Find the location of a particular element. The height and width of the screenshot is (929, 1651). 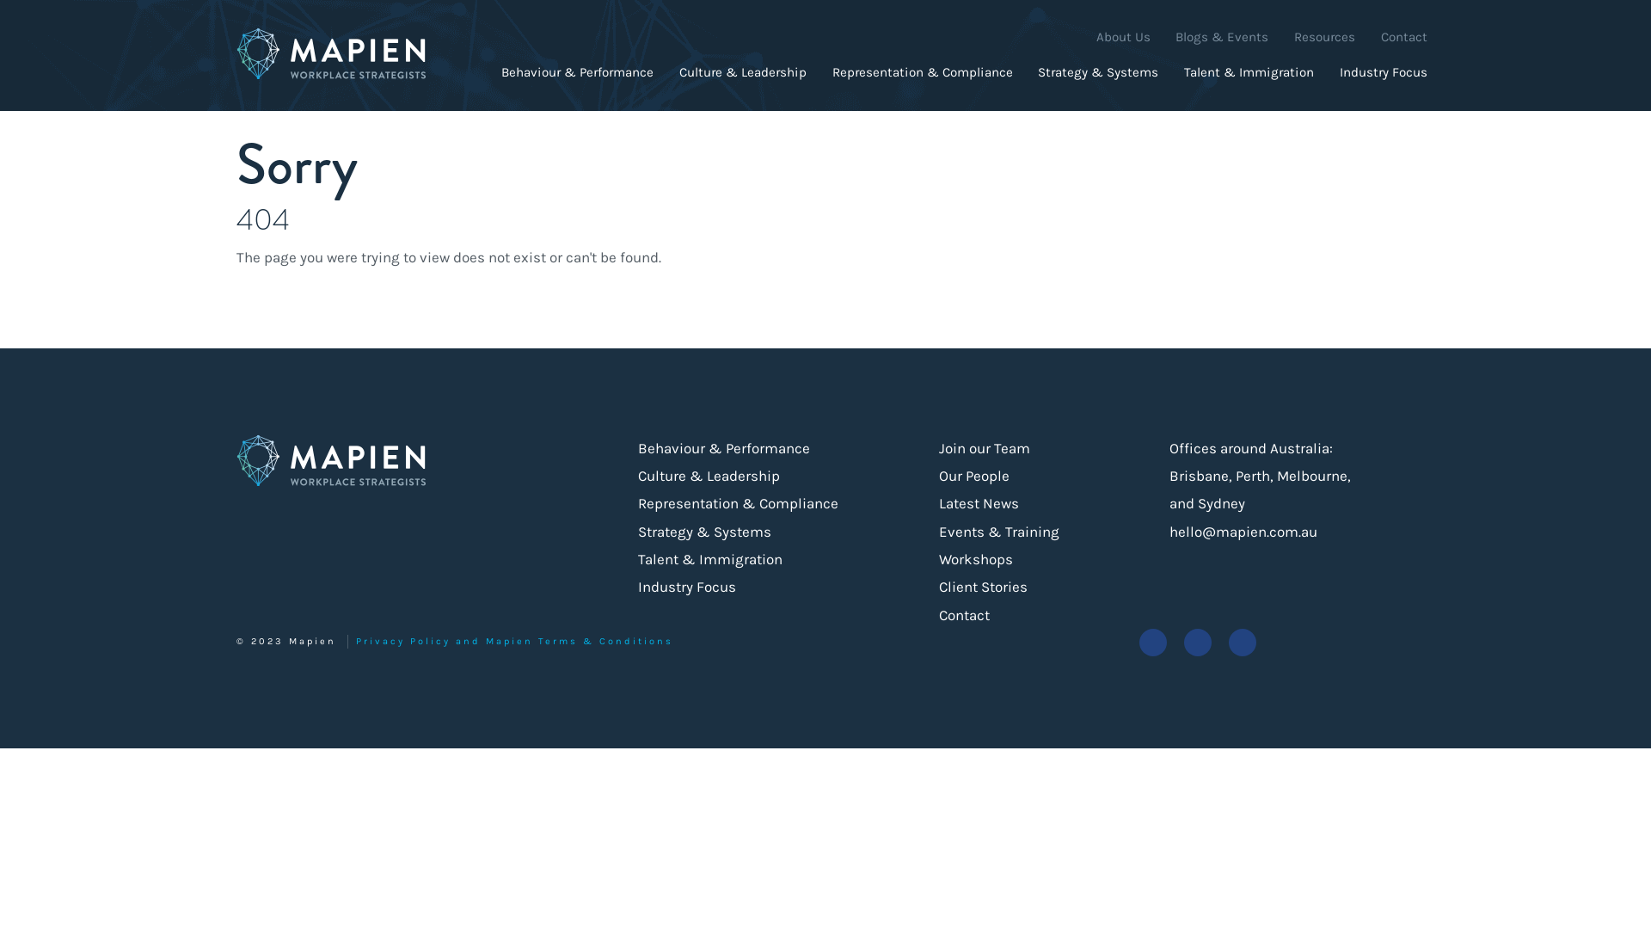

'Blogs & Events' is located at coordinates (1220, 36).